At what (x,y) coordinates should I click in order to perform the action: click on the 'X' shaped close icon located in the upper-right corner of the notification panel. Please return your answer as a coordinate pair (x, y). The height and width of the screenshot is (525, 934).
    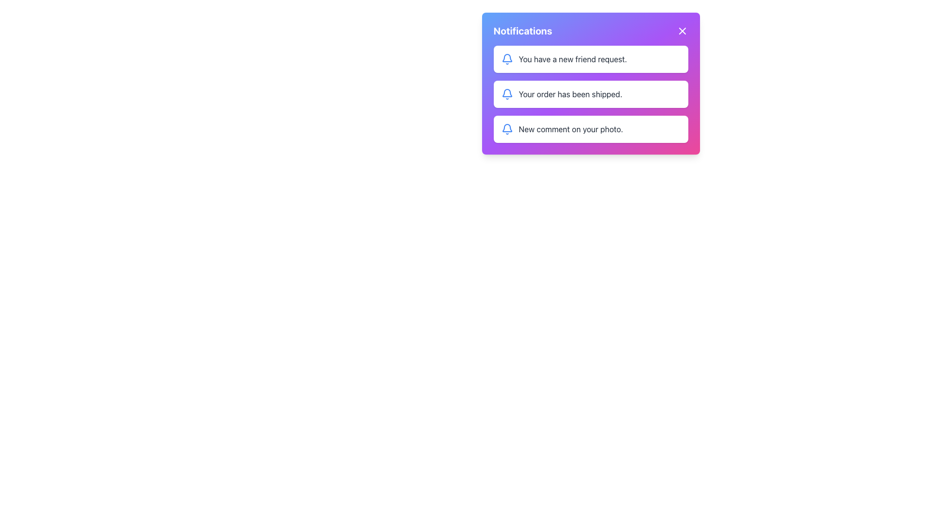
    Looking at the image, I should click on (682, 31).